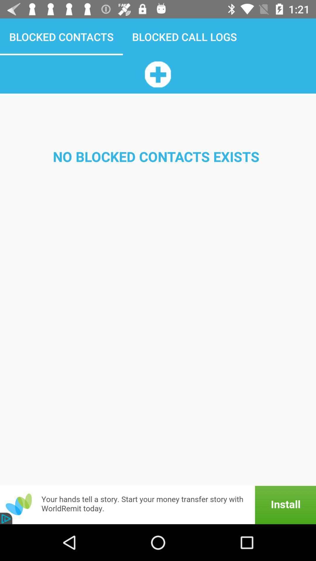 This screenshot has height=561, width=316. What do you see at coordinates (158, 505) in the screenshot?
I see `advertisement` at bounding box center [158, 505].